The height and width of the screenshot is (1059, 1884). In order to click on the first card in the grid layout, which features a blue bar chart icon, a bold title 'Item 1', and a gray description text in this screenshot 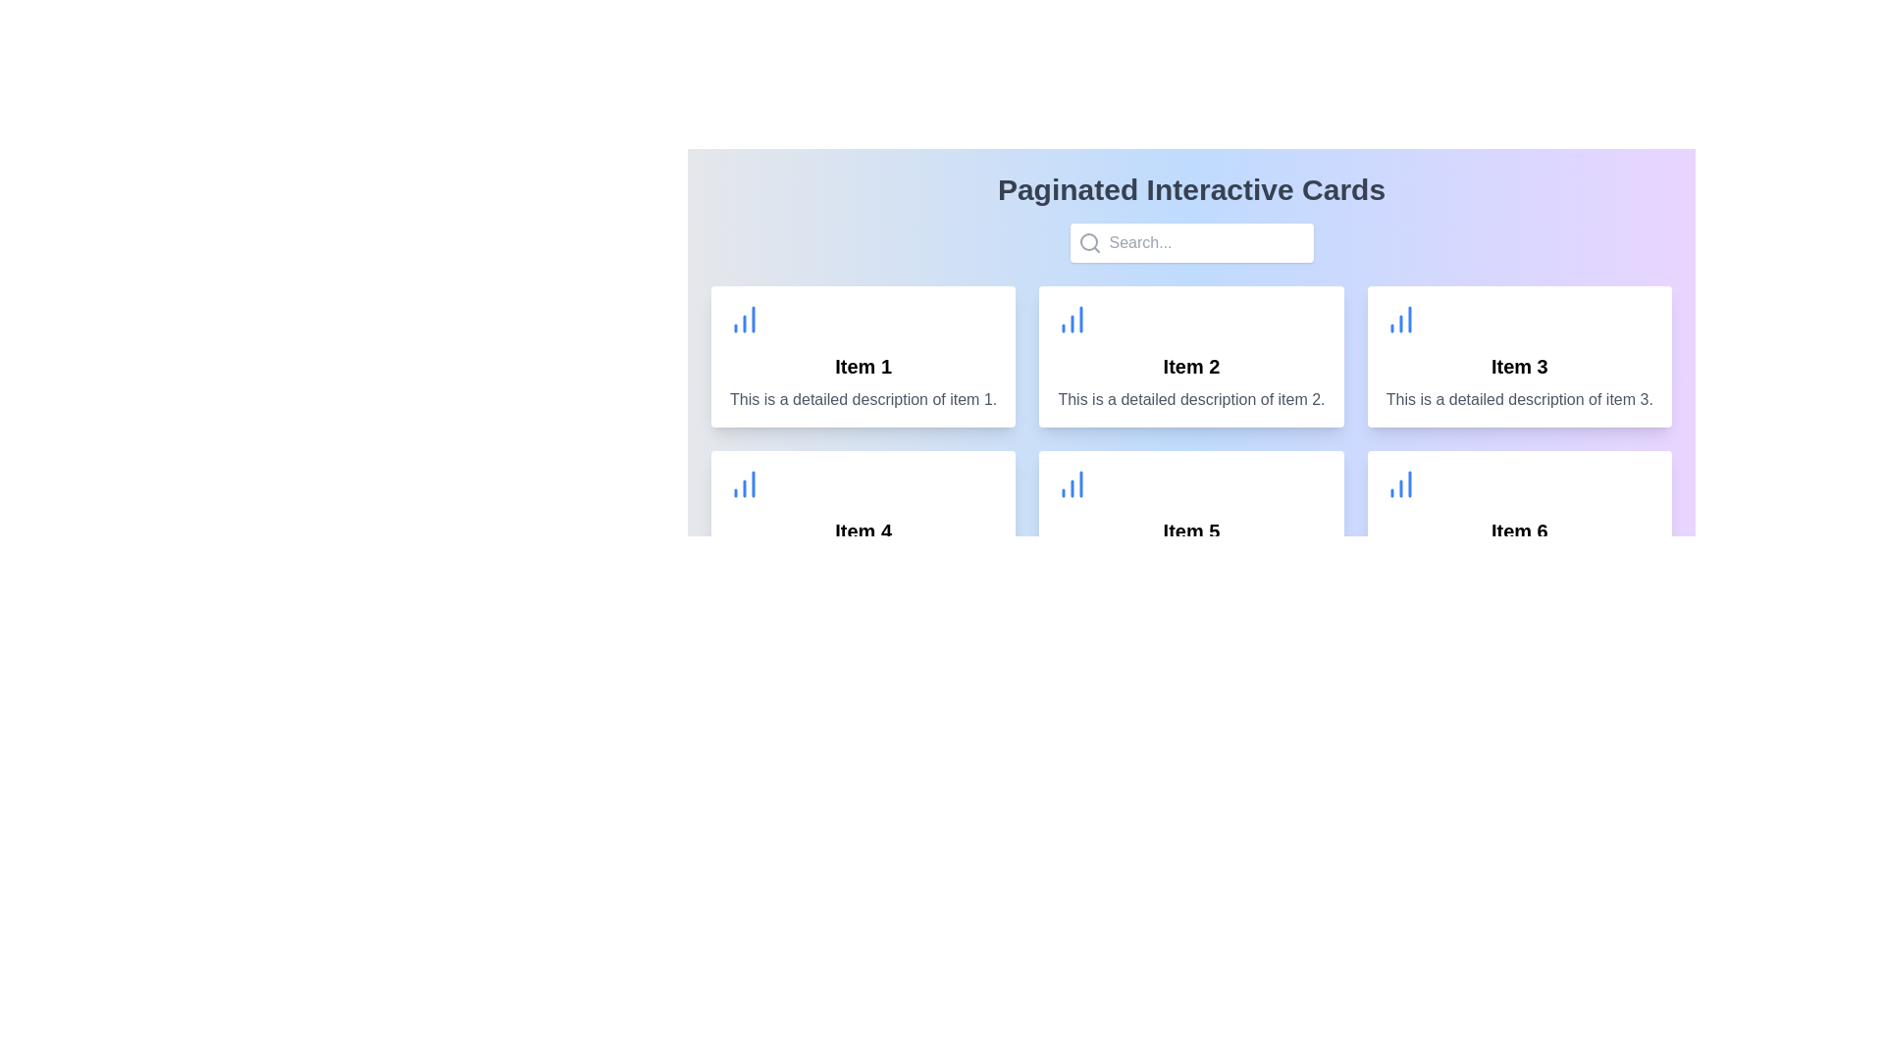, I will do `click(863, 356)`.